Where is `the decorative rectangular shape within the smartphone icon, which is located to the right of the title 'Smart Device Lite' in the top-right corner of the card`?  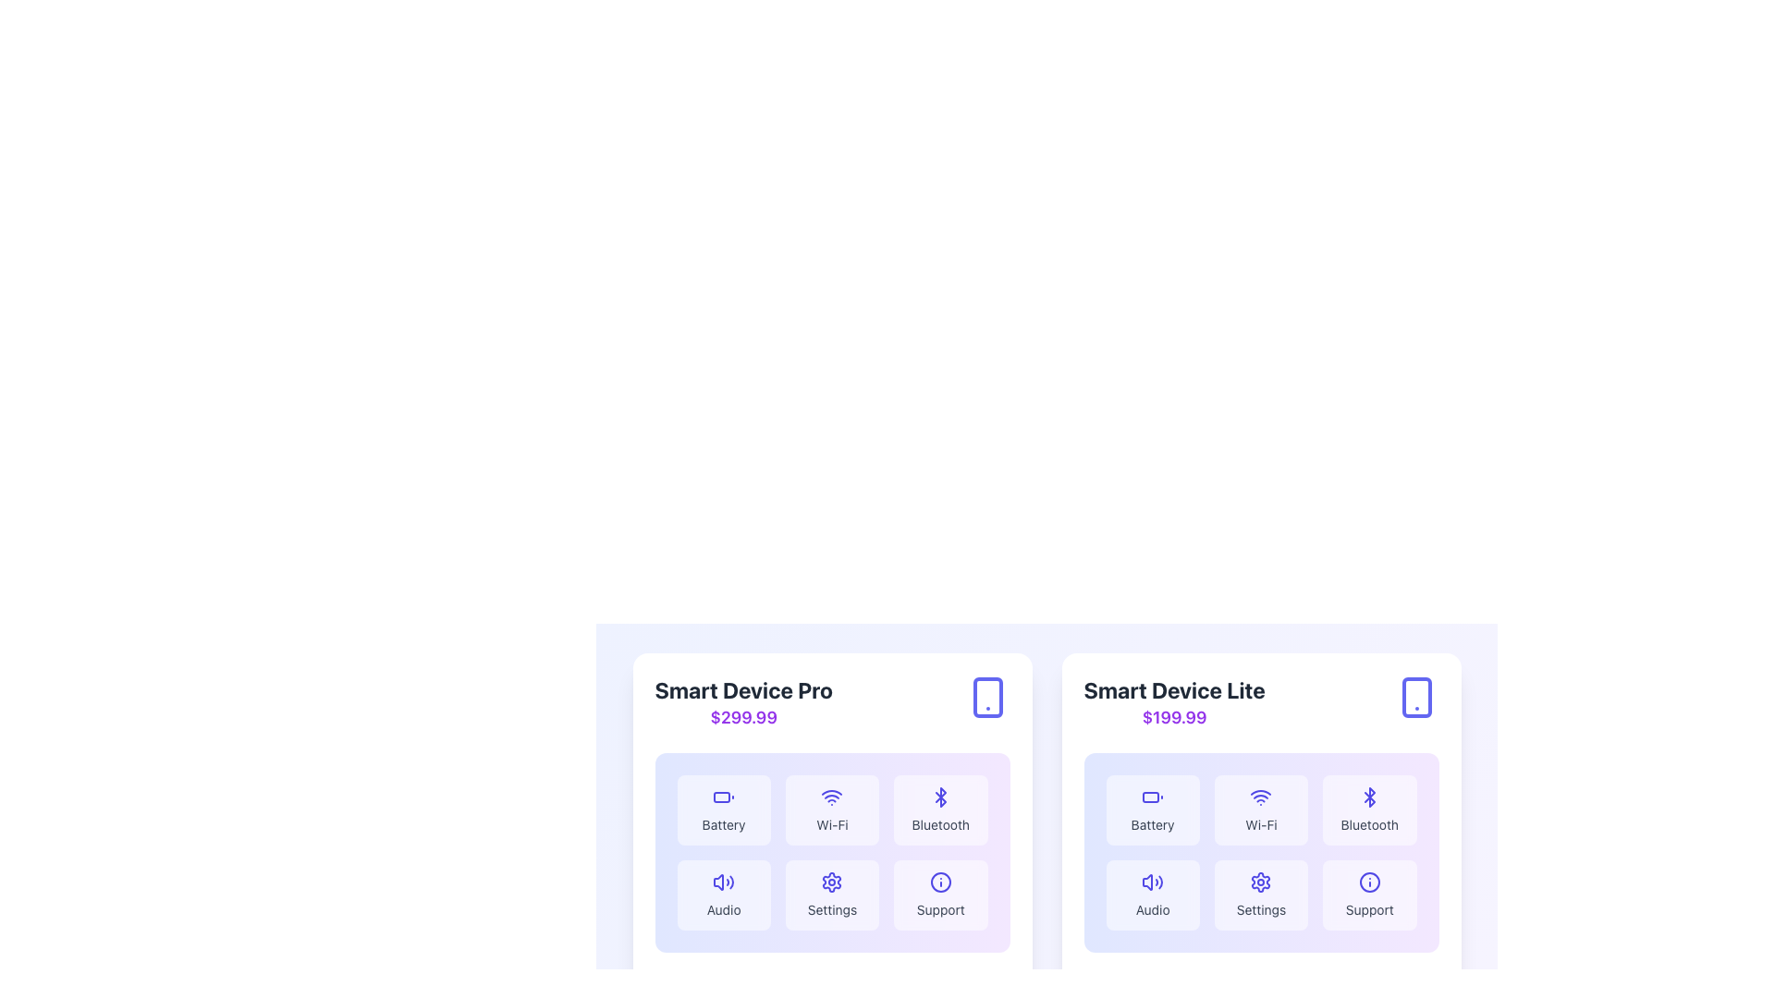
the decorative rectangular shape within the smartphone icon, which is located to the right of the title 'Smart Device Lite' in the top-right corner of the card is located at coordinates (986, 698).